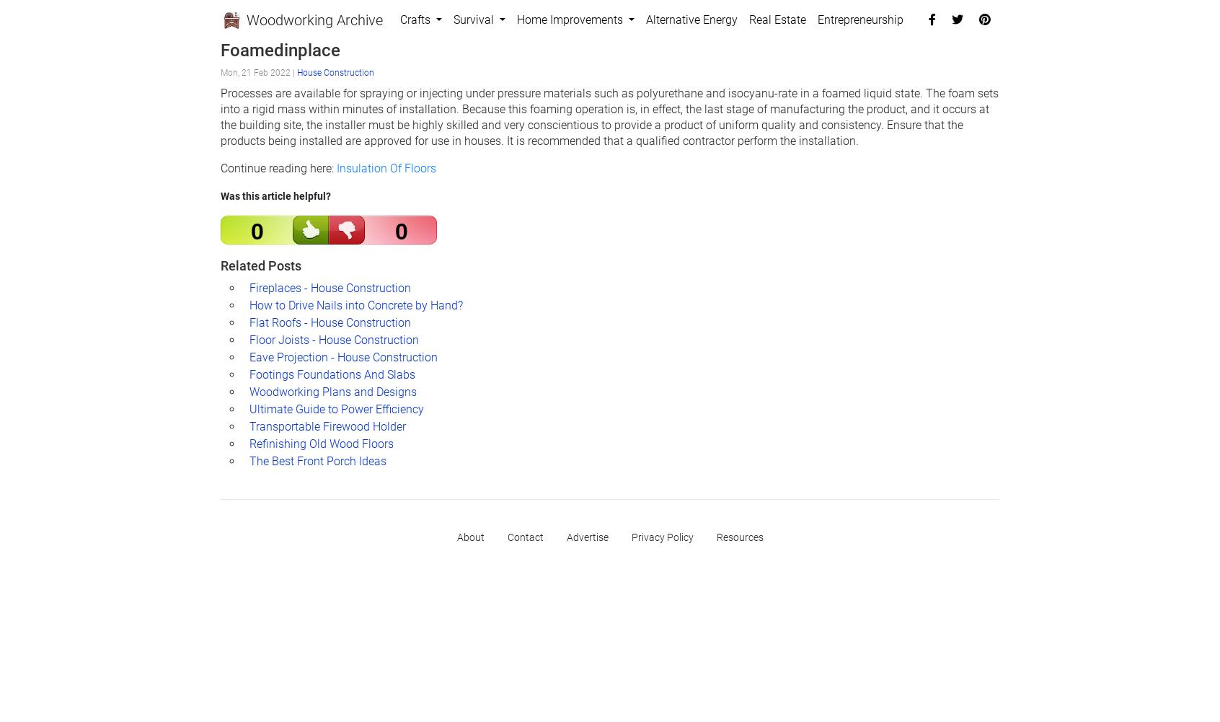 The width and height of the screenshot is (1220, 722). Describe the element at coordinates (330, 286) in the screenshot. I see `'Fireplaces - House Construction'` at that location.